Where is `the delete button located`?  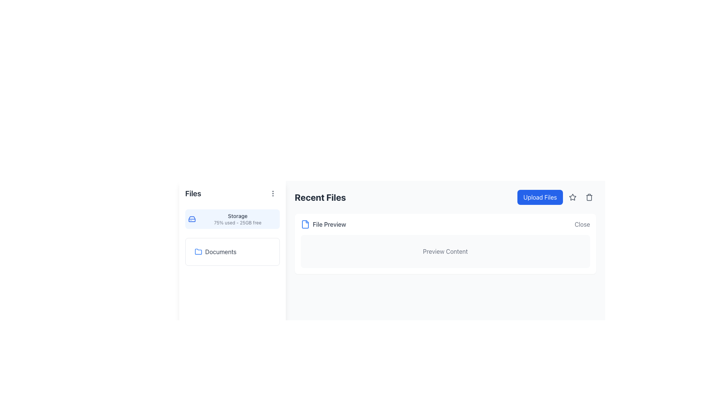
the delete button located is located at coordinates (589, 197).